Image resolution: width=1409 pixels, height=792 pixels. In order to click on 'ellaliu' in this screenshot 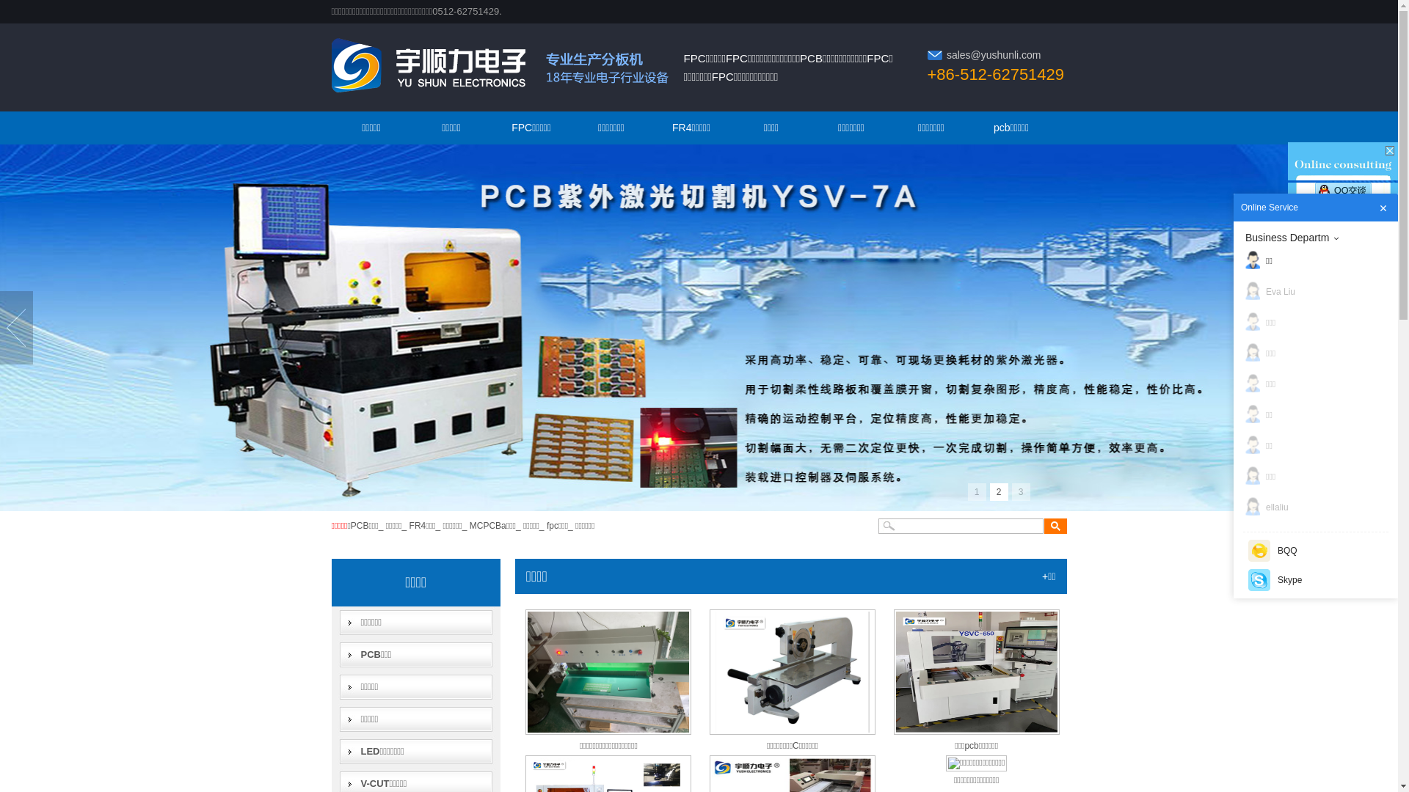, I will do `click(1319, 506)`.